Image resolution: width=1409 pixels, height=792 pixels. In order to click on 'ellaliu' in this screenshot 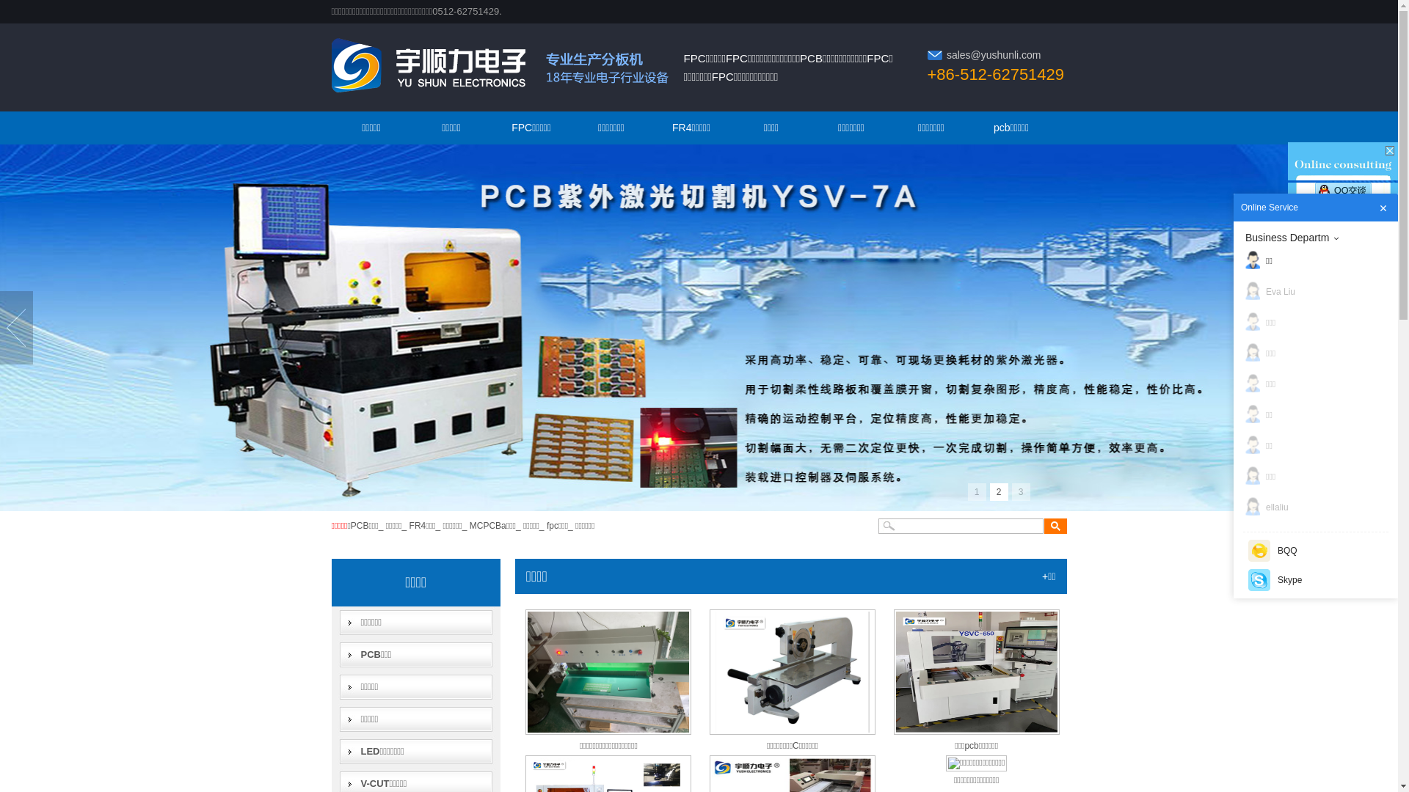, I will do `click(1319, 506)`.